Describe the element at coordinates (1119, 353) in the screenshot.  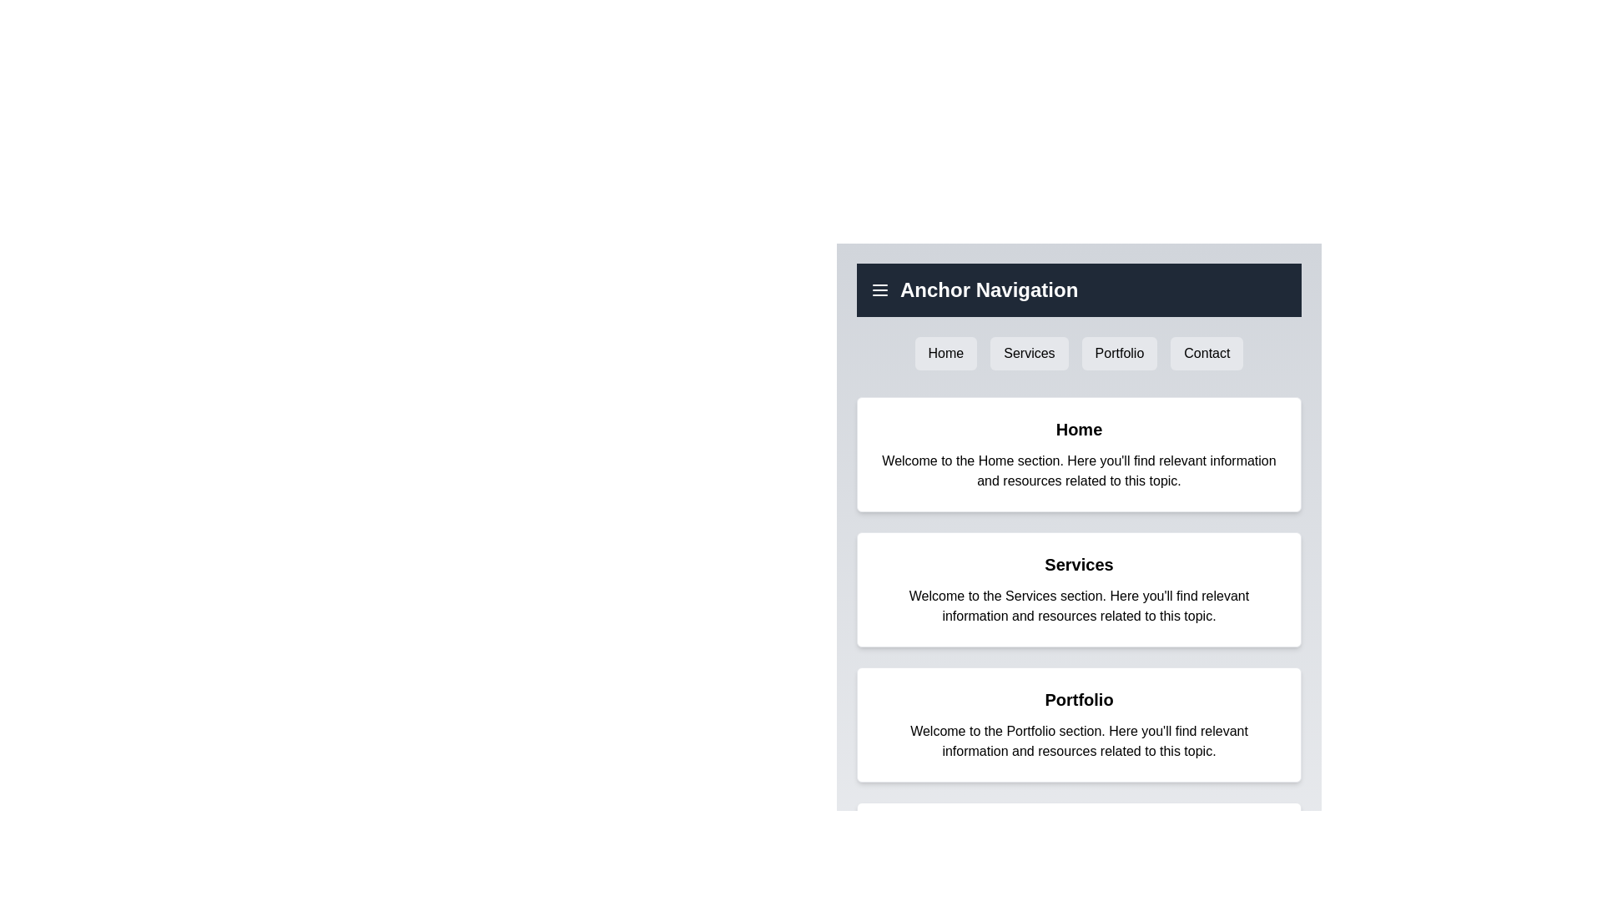
I see `the 'Portfolio' button, which is the third button in the navigation bar` at that location.